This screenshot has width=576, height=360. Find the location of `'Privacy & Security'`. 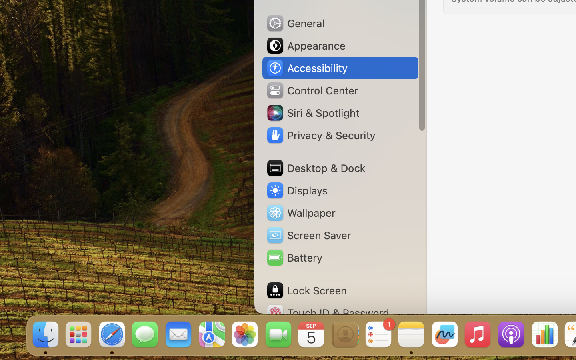

'Privacy & Security' is located at coordinates (320, 135).